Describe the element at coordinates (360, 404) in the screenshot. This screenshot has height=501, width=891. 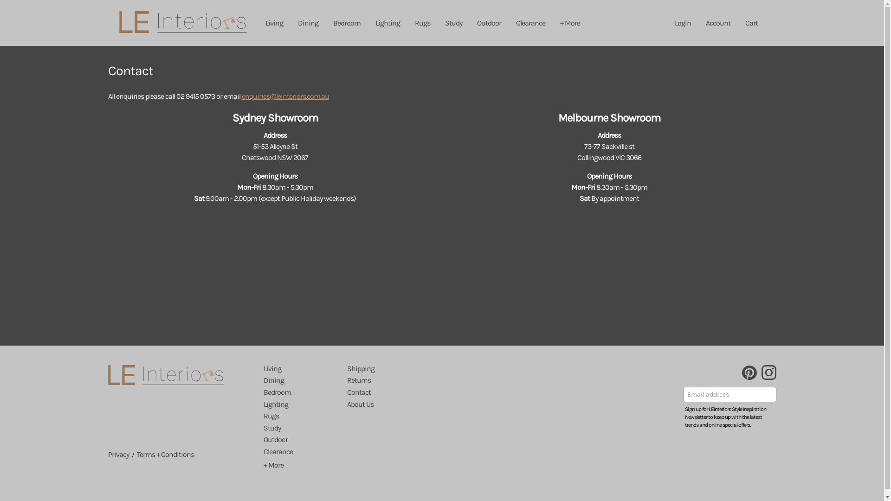
I see `'About Us'` at that location.